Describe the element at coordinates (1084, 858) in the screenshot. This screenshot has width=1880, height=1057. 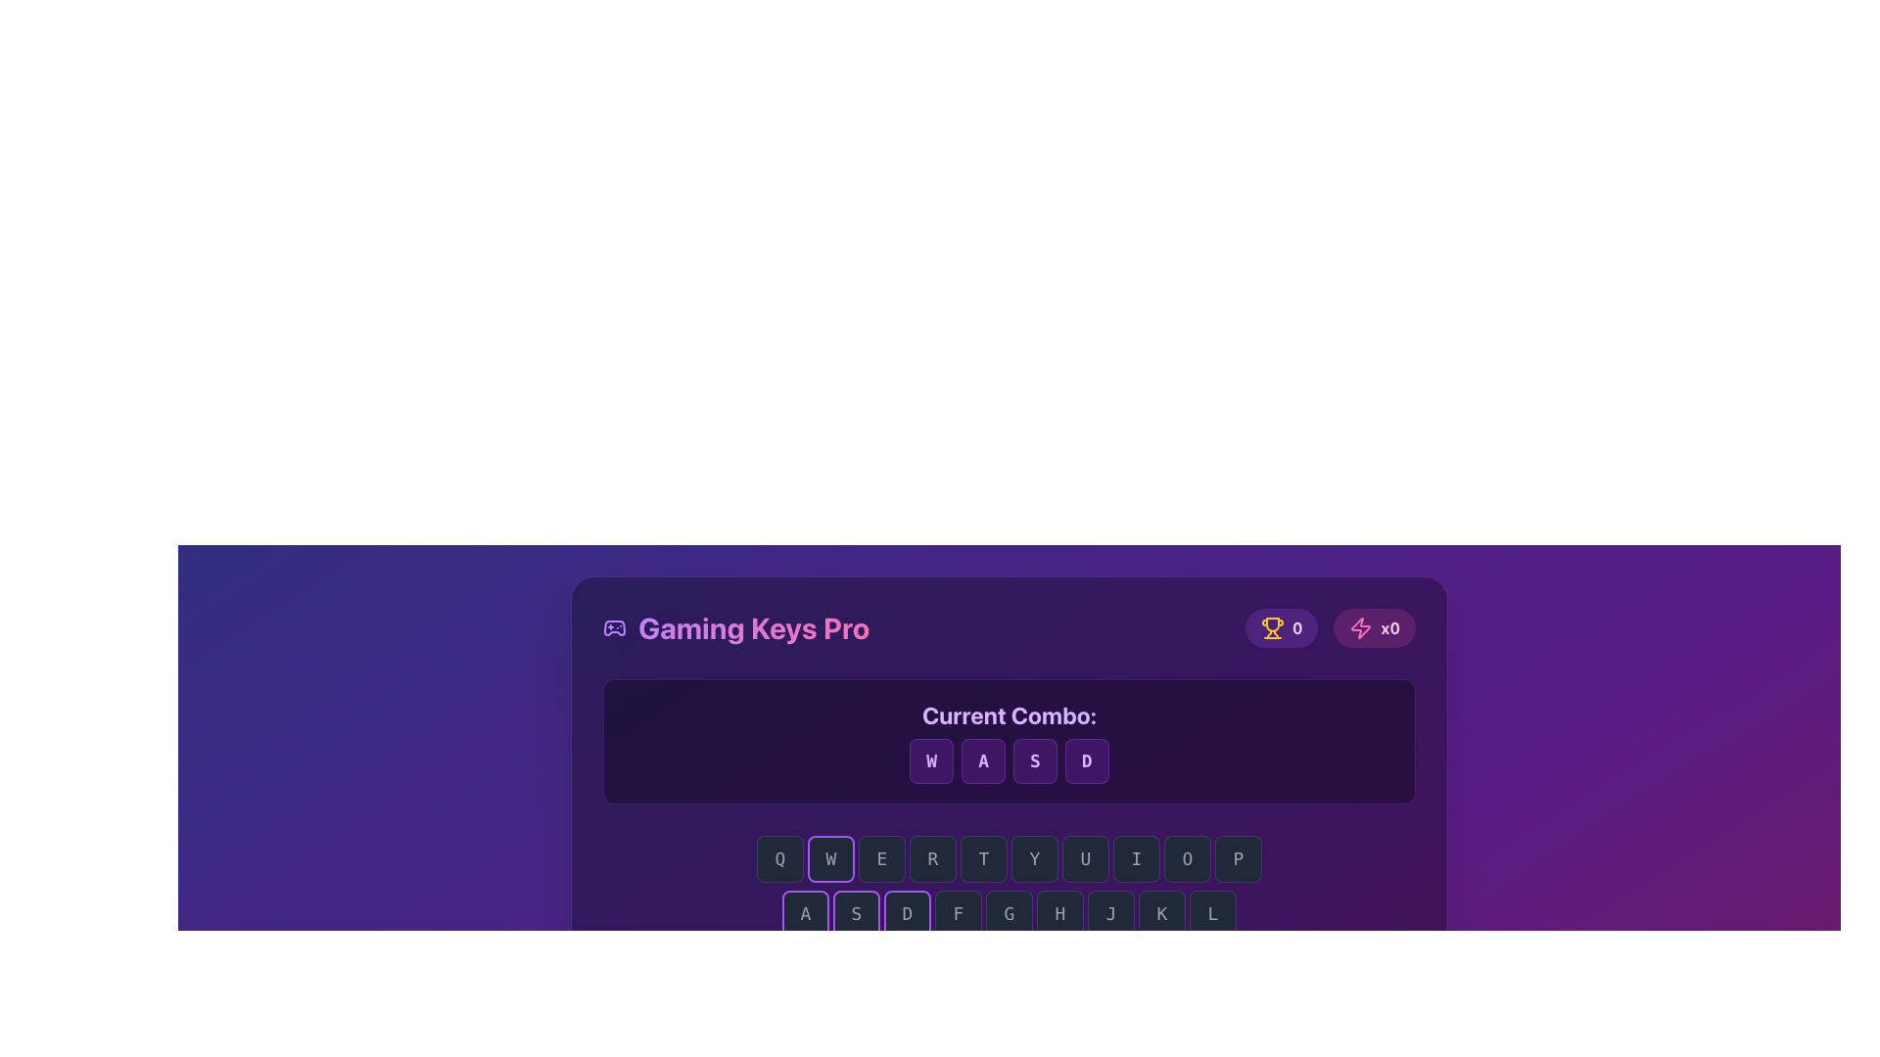
I see `the key-like button displaying the character 'U' with a dark background and rounded corners to simulate a press` at that location.